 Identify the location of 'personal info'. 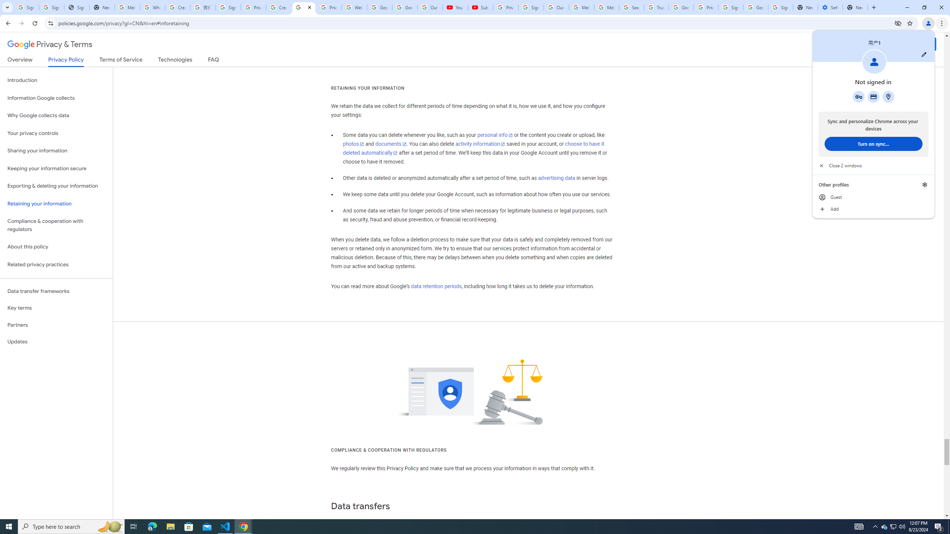
(494, 135).